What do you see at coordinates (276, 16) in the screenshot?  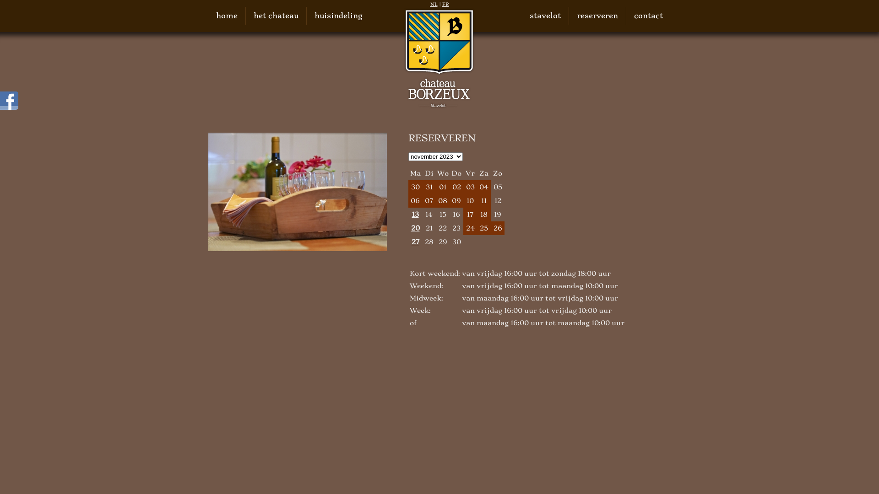 I see `'het chateau'` at bounding box center [276, 16].